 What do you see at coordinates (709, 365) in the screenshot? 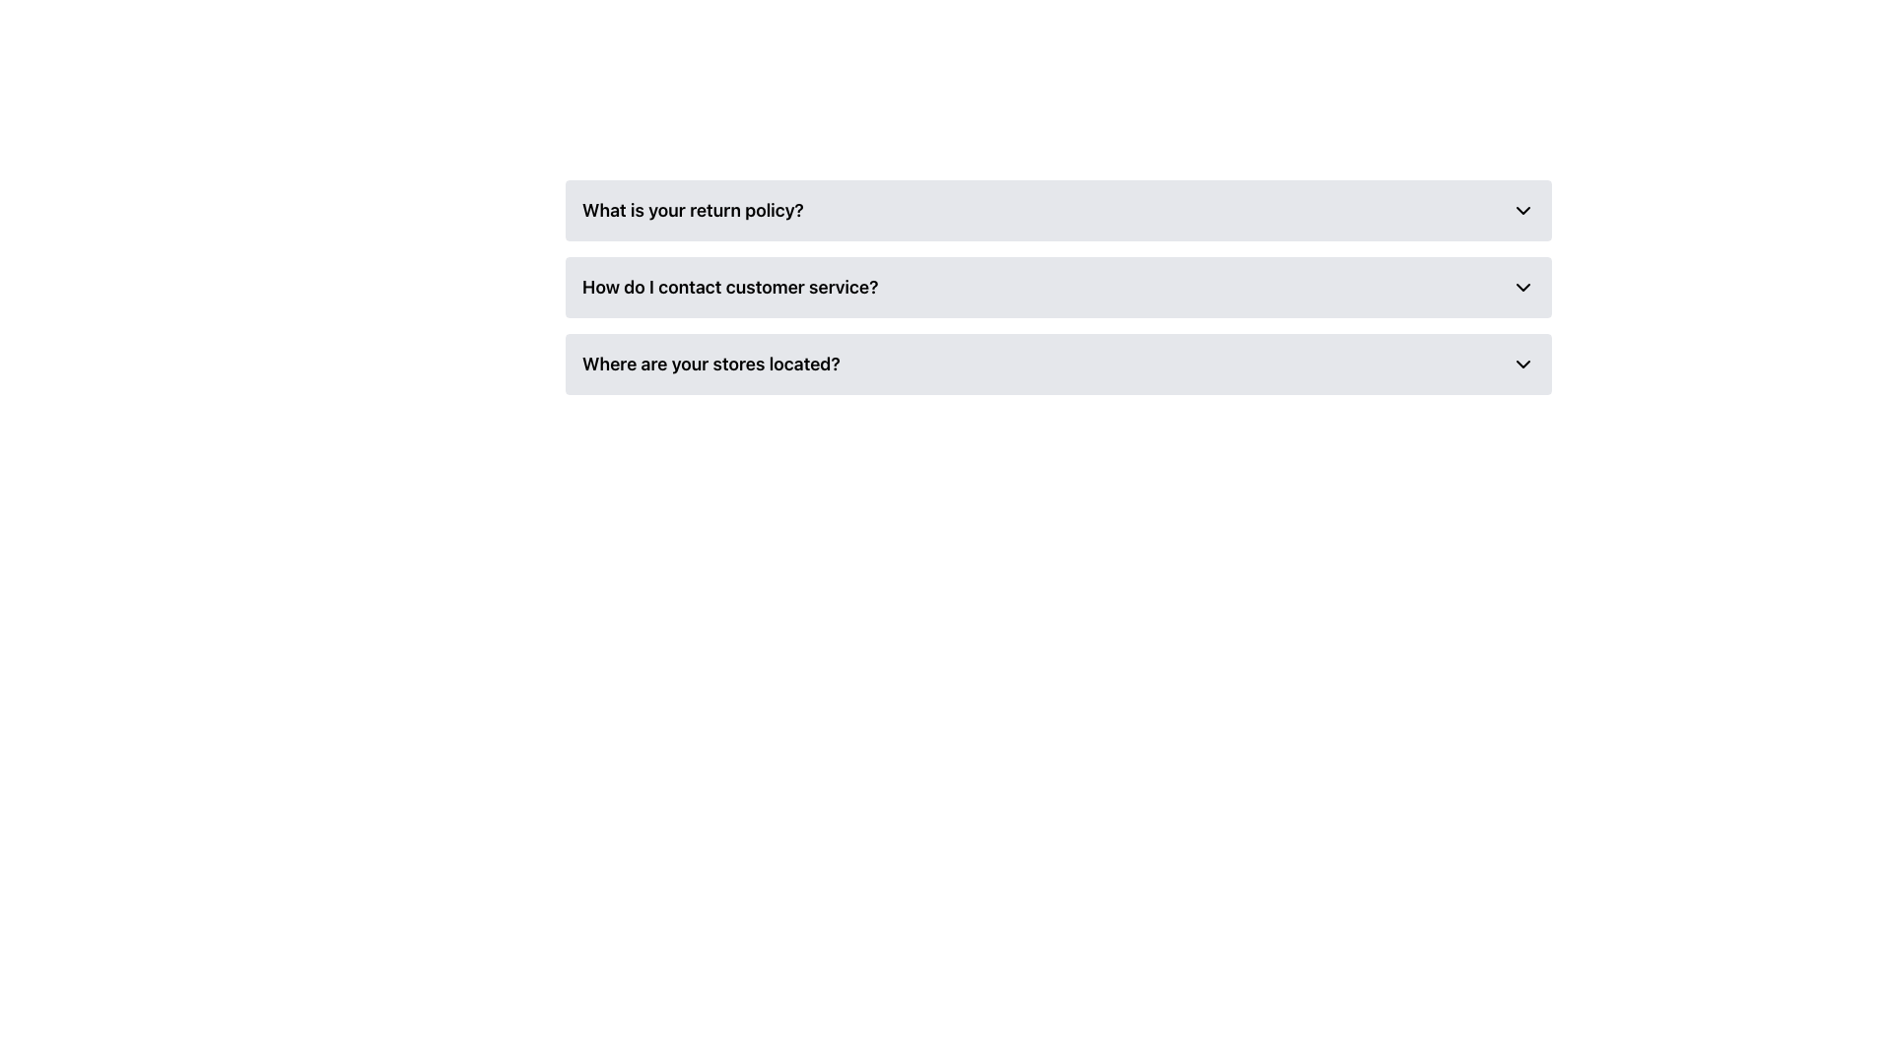
I see `text label 'Where are your stores located?' which is prominently styled and located in the FAQ section, below 'How do I contact customer service?'` at bounding box center [709, 365].